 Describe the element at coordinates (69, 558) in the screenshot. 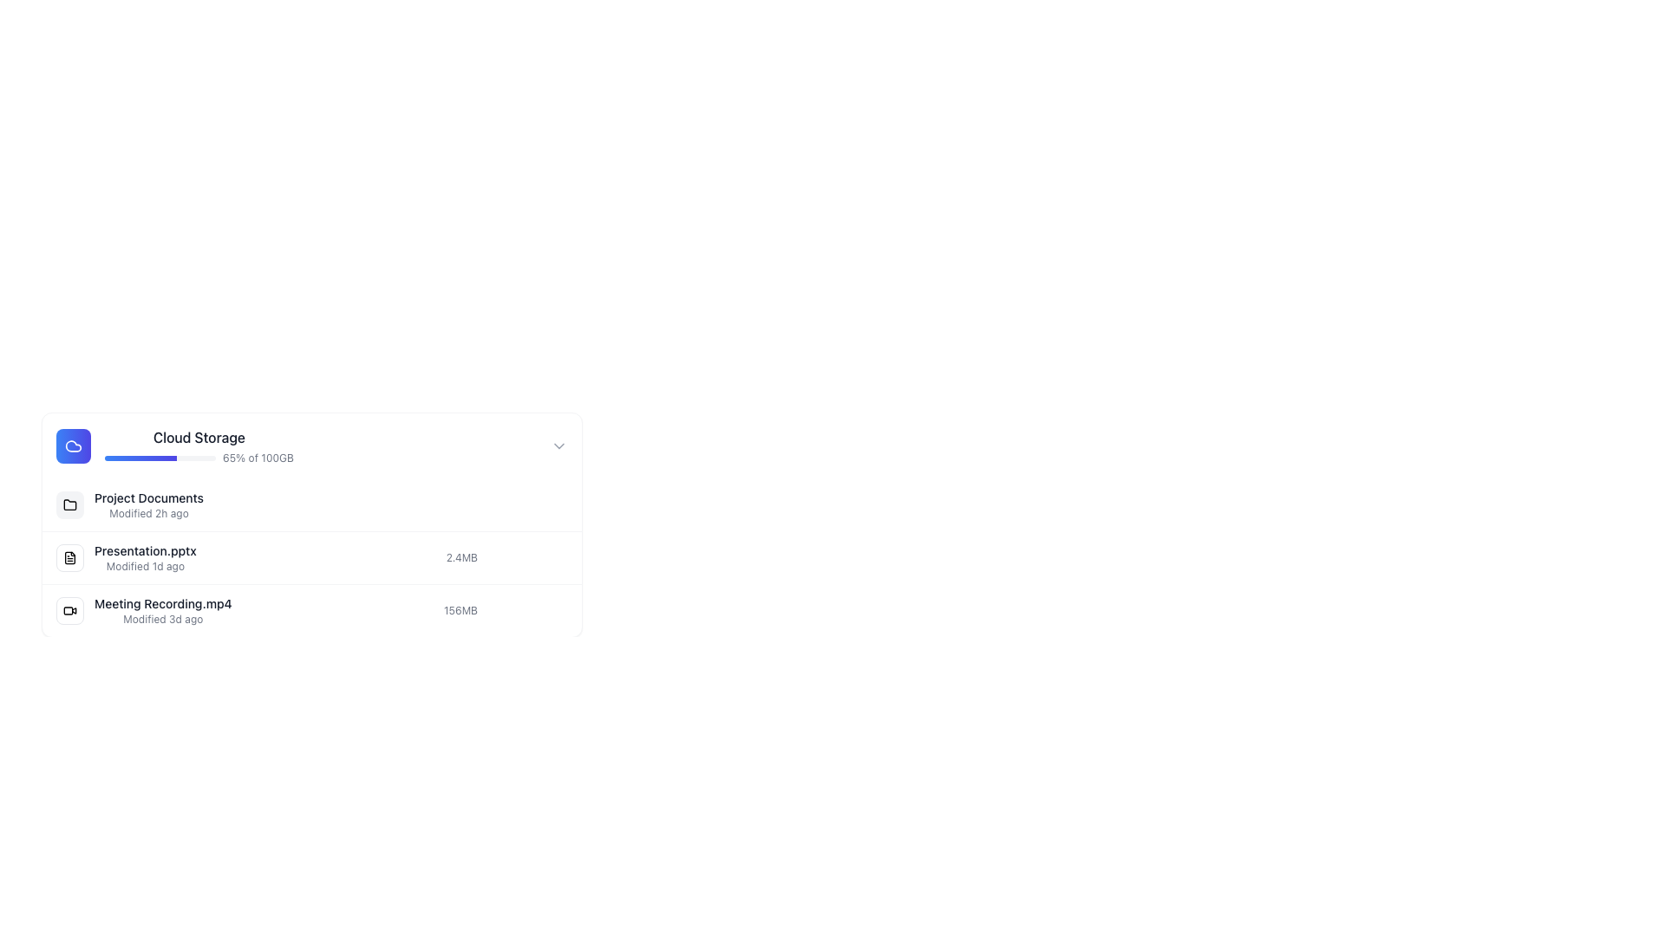

I see `the document file icon, which is a white square with rounded edges and a folded corner, positioned to the left of the text 'Presentation.pptx'` at that location.